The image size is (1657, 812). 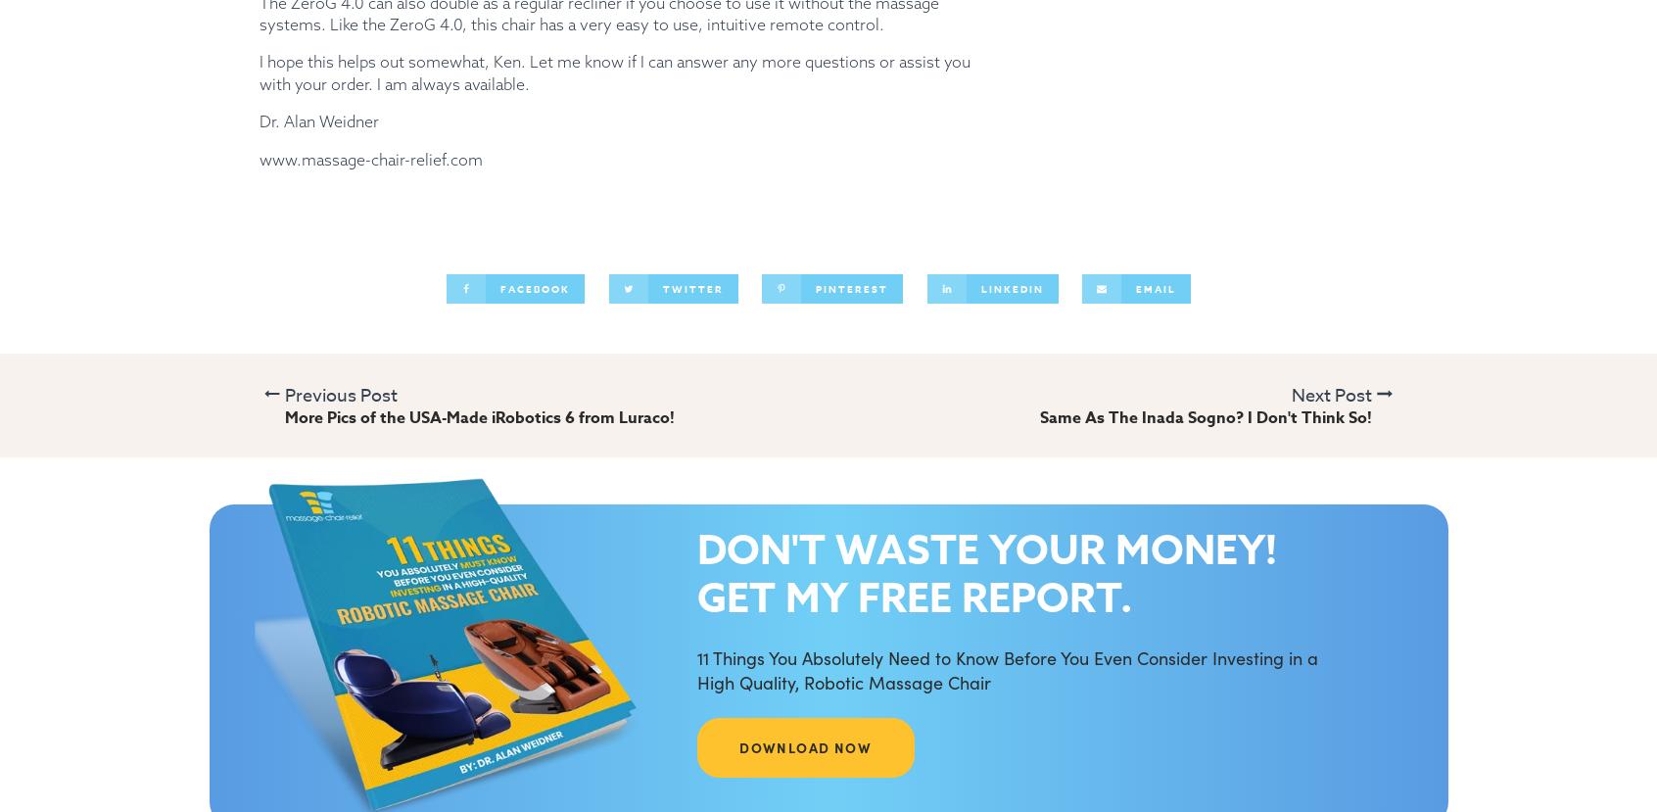 What do you see at coordinates (614, 72) in the screenshot?
I see `'I hope this helps out somewhat, Ken. Let me know if I can answer any more questions or assist you with your order. I am always available.'` at bounding box center [614, 72].